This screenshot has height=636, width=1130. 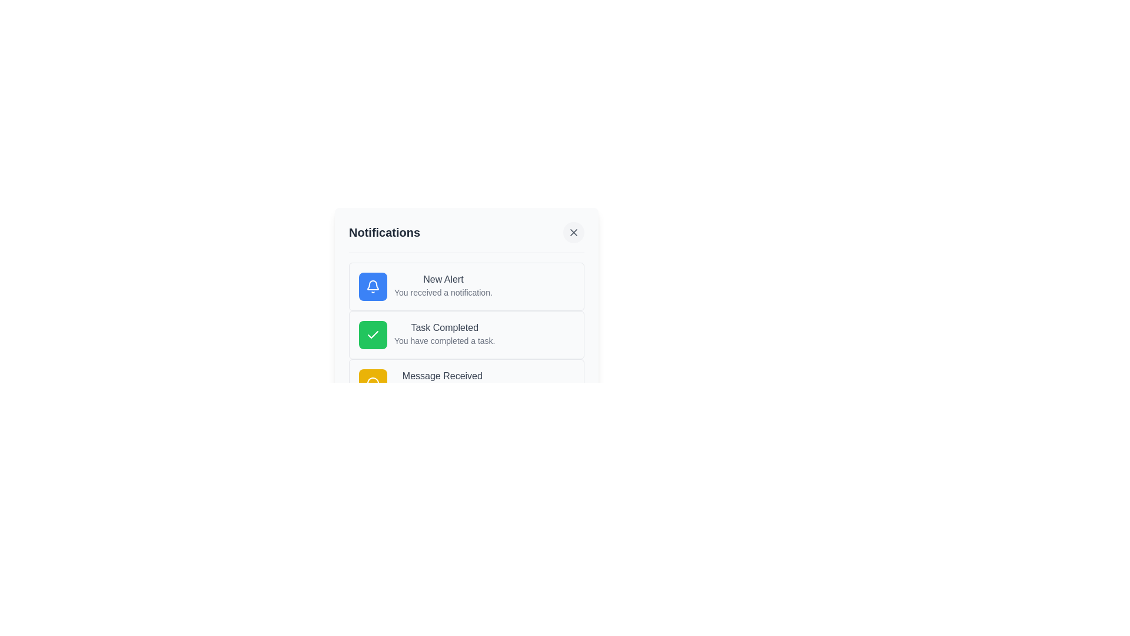 What do you see at coordinates (466, 383) in the screenshot?
I see `the third notification item with a yellow circular icon and the message header 'Message Received'` at bounding box center [466, 383].